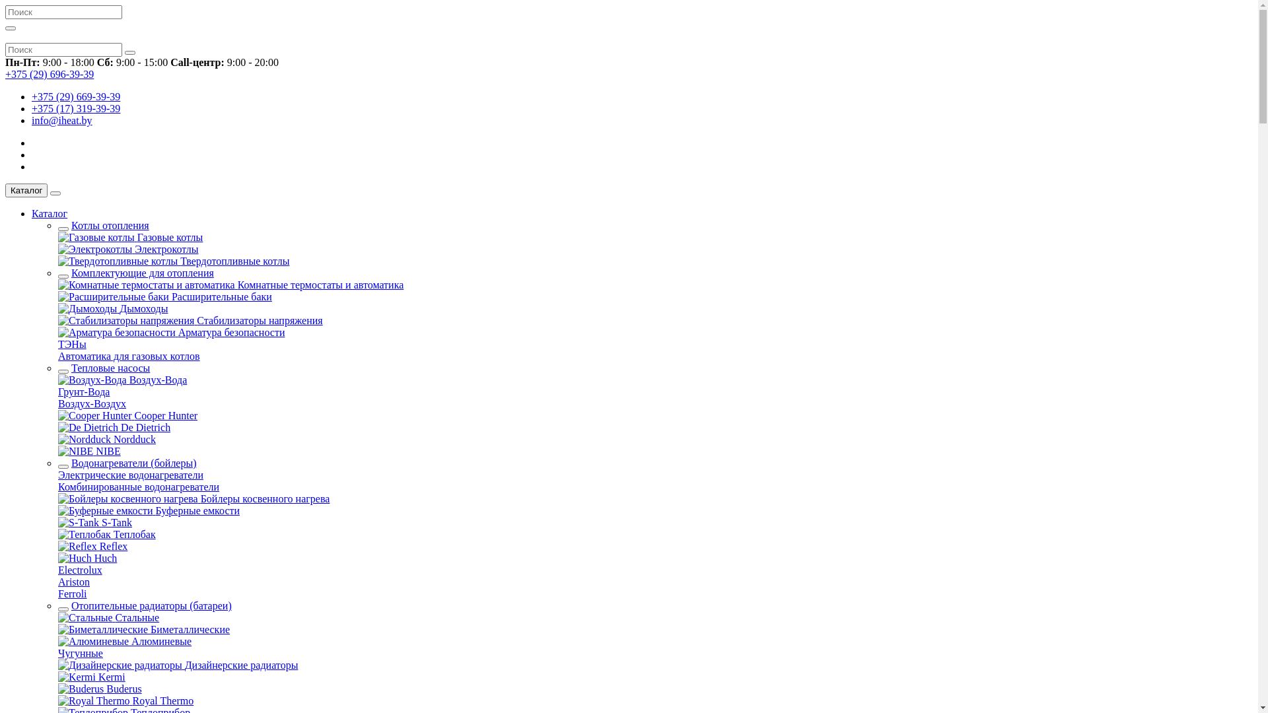 This screenshot has height=713, width=1268. What do you see at coordinates (87, 558) in the screenshot?
I see `'Huch'` at bounding box center [87, 558].